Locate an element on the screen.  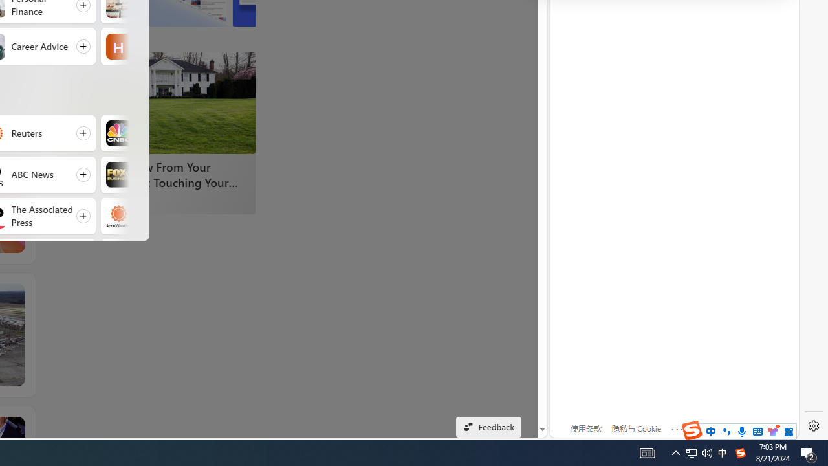
'Settings' is located at coordinates (813, 426).